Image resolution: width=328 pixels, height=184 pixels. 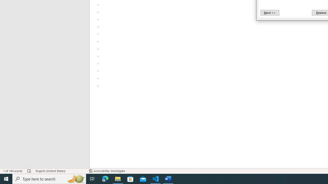 What do you see at coordinates (49, 178) in the screenshot?
I see `'Type here to search'` at bounding box center [49, 178].